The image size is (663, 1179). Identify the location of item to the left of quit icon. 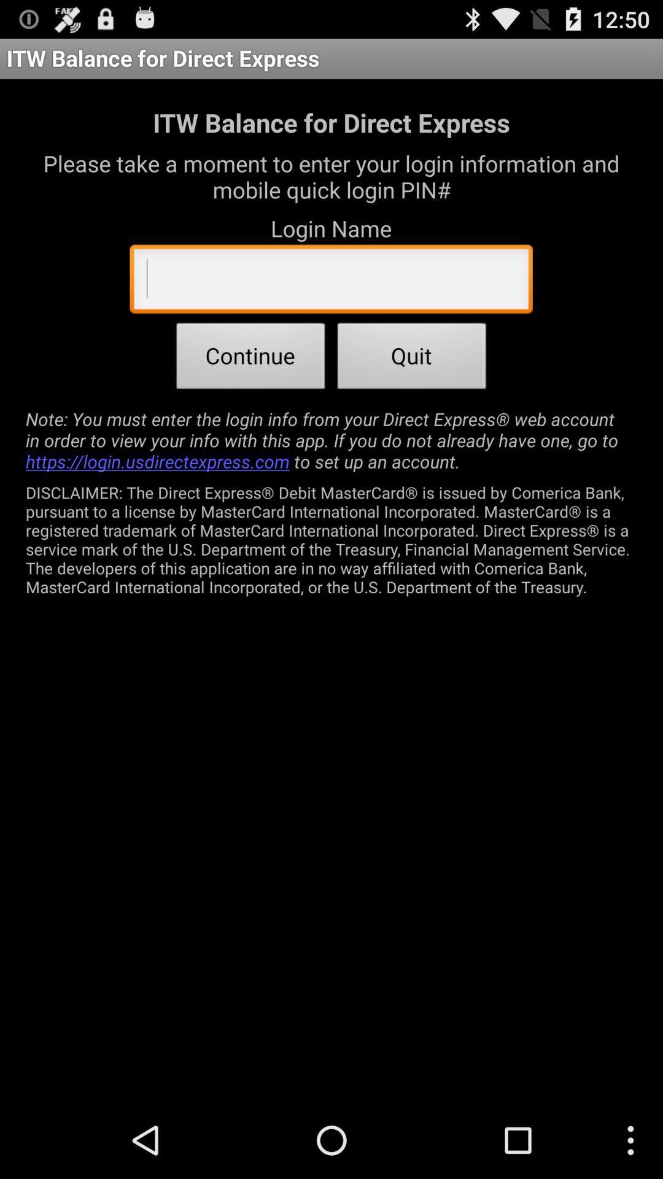
(250, 359).